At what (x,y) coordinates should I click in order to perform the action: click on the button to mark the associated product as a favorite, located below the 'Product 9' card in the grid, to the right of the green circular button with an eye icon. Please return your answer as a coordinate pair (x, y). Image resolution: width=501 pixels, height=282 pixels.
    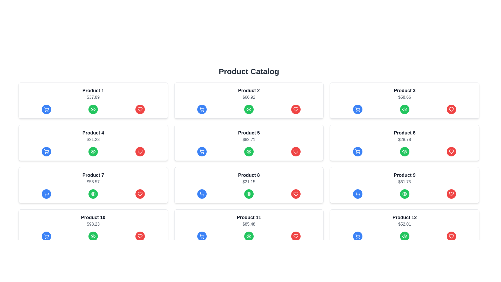
    Looking at the image, I should click on (451, 194).